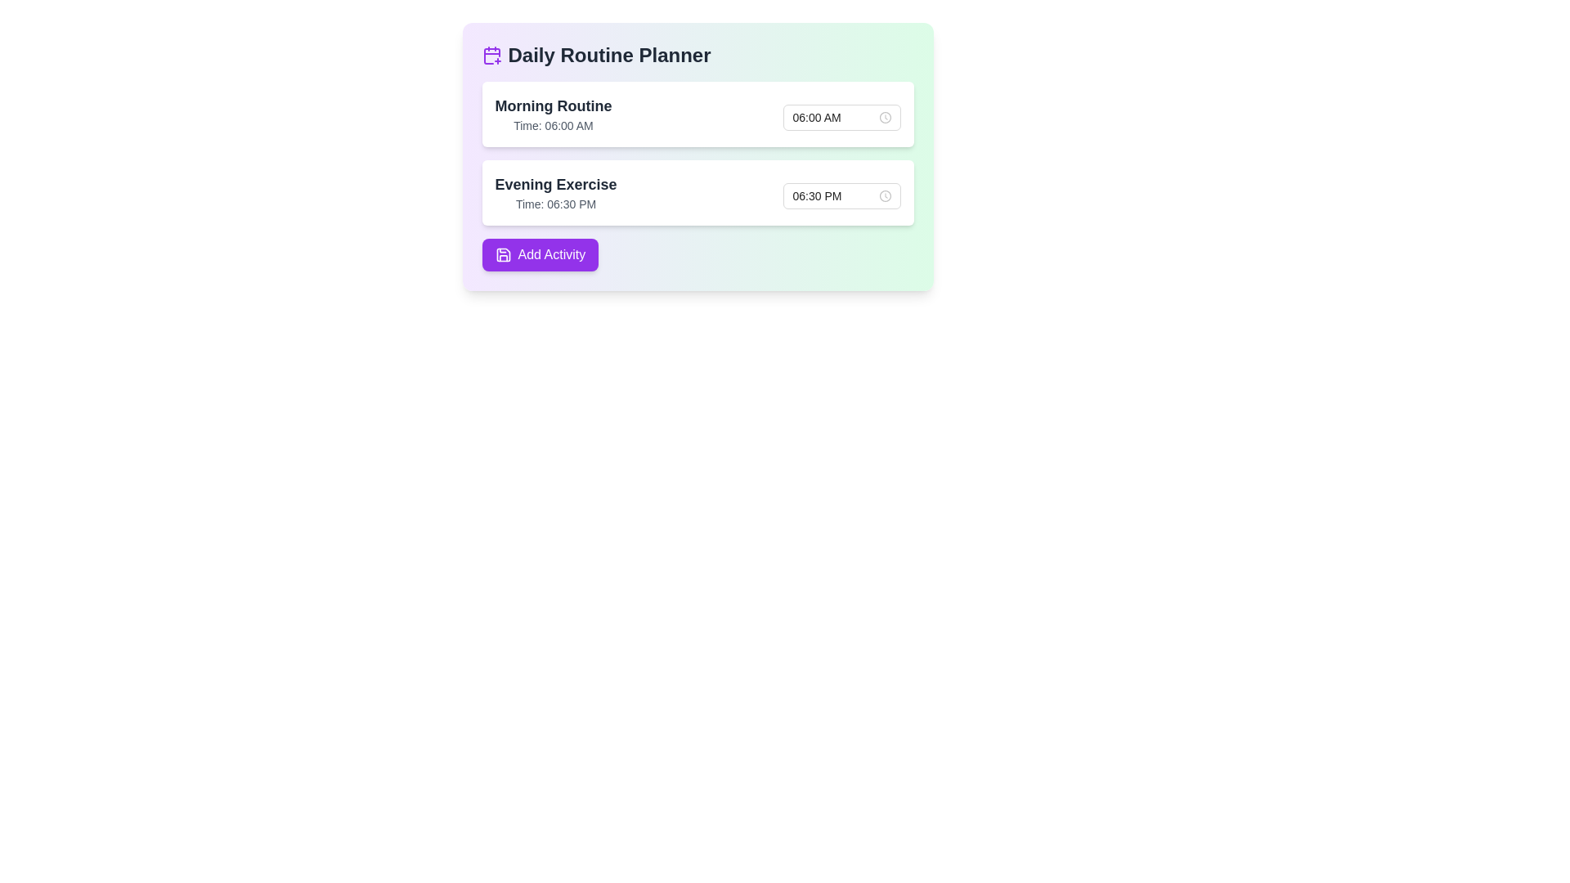 Image resolution: width=1570 pixels, height=883 pixels. Describe the element at coordinates (491, 56) in the screenshot. I see `the calendar icon with a plus symbol located in the top-left corner of the application interface, preceding the title 'Daily Routine Planner.'` at that location.